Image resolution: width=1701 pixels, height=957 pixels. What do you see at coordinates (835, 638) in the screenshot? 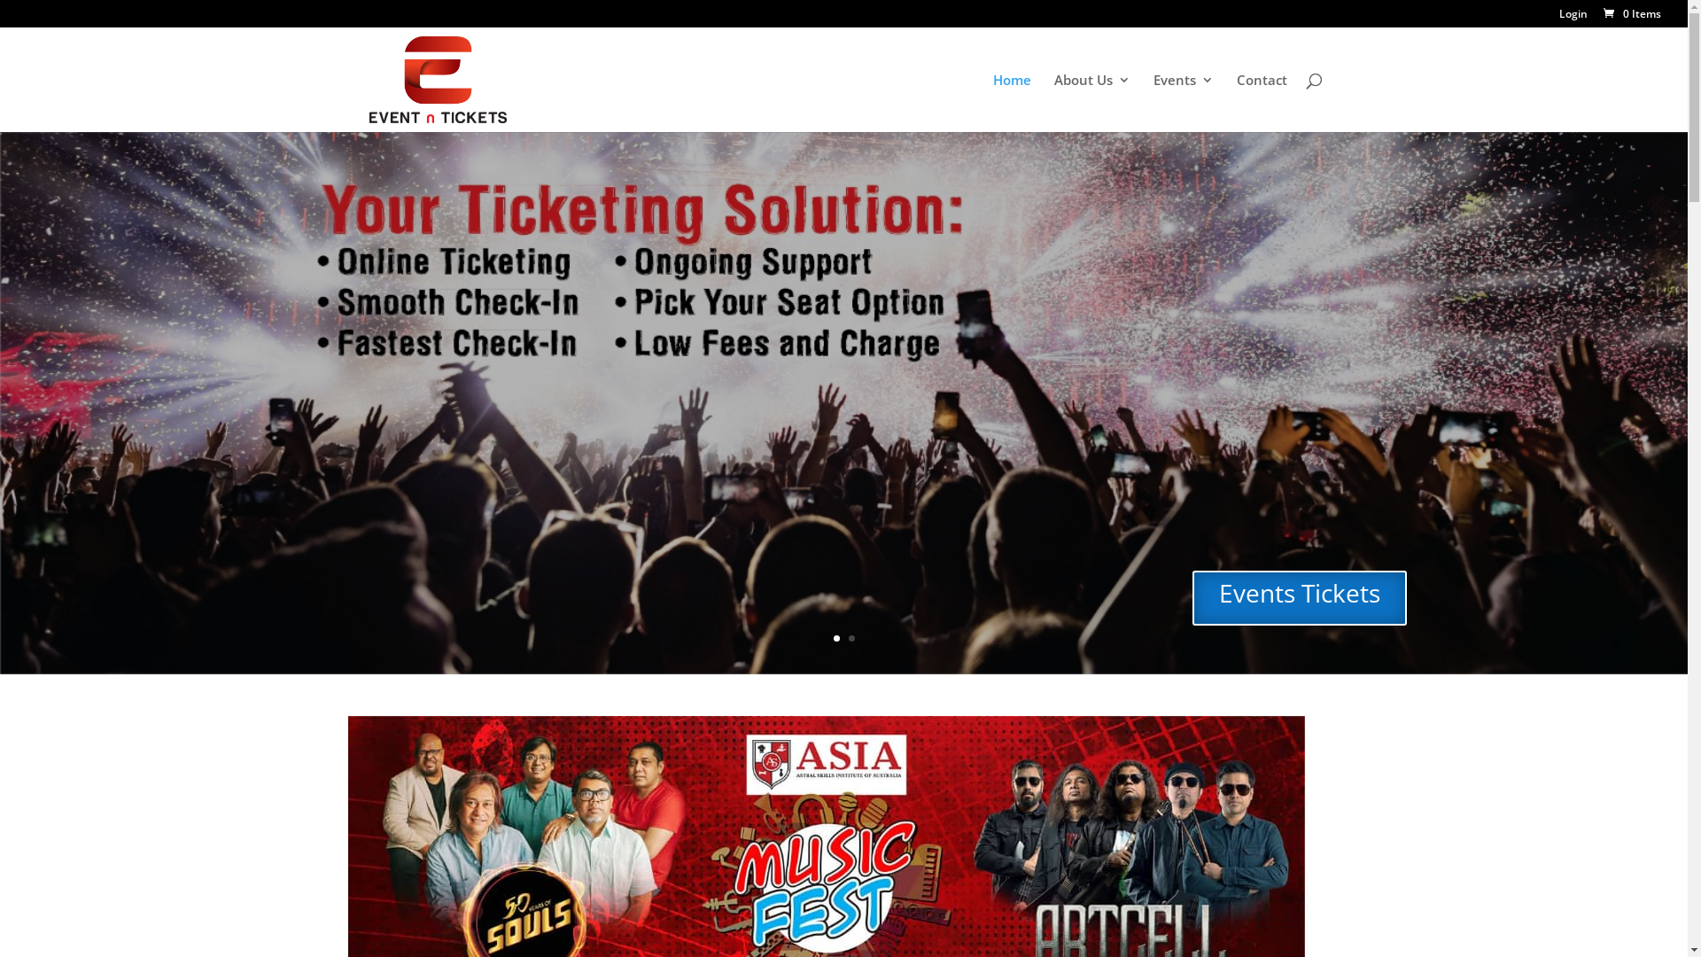
I see `'1'` at bounding box center [835, 638].